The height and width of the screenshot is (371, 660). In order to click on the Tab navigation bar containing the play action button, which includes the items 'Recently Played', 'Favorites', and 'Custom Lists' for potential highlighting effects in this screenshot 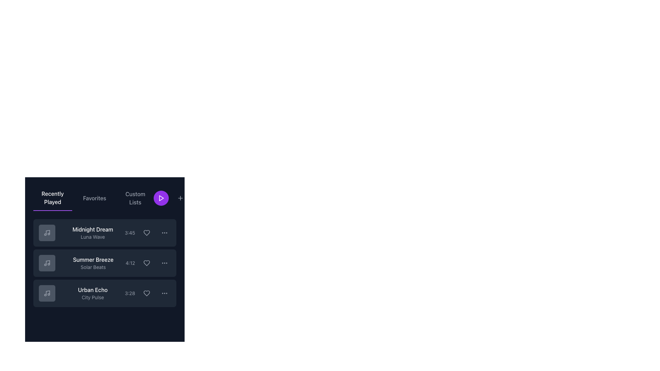, I will do `click(104, 198)`.